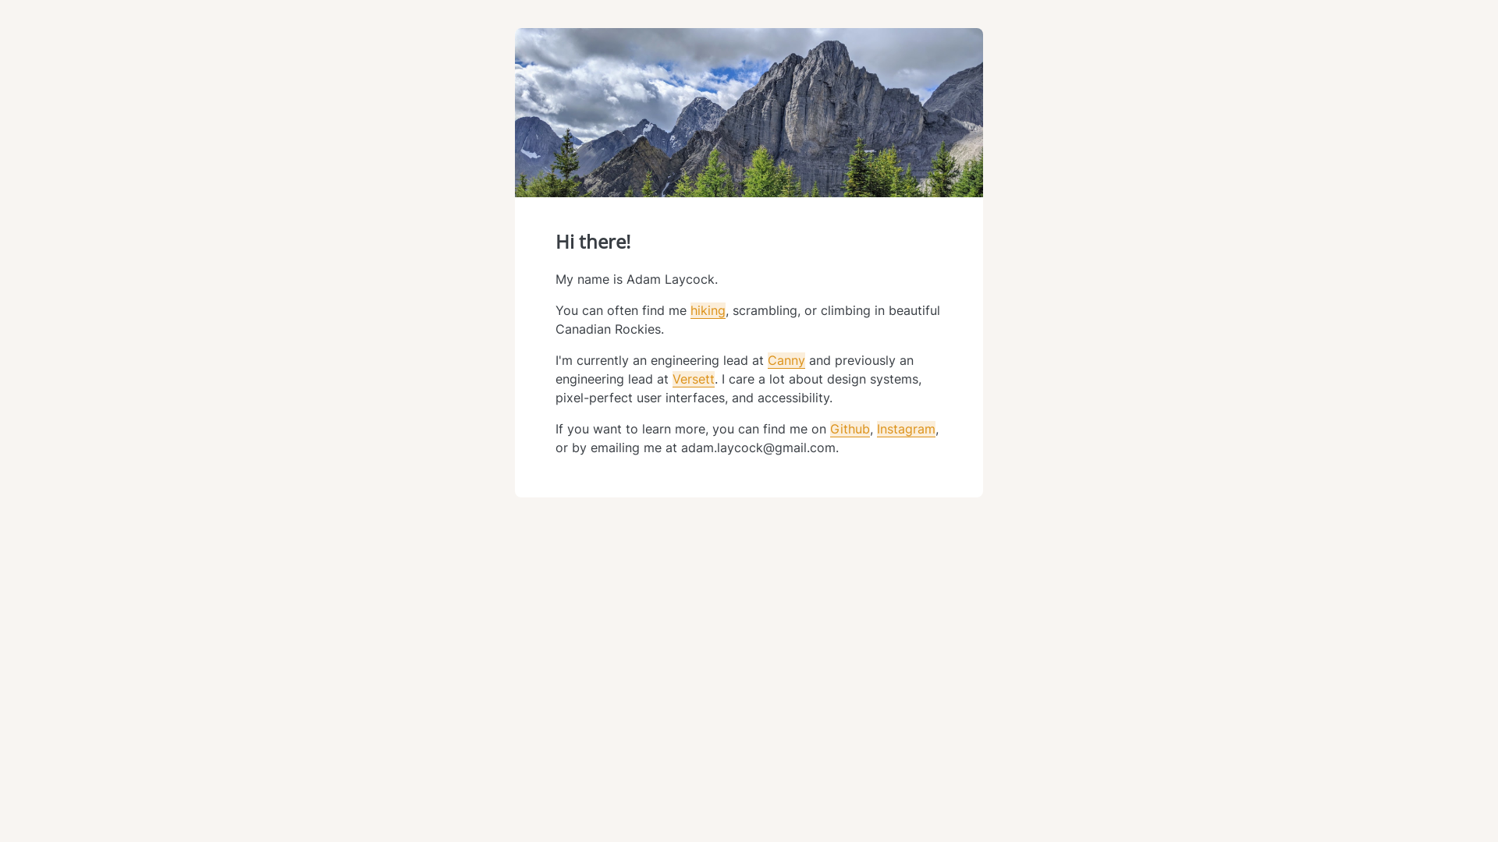 This screenshot has height=842, width=1498. I want to click on 'Github', so click(829, 429).